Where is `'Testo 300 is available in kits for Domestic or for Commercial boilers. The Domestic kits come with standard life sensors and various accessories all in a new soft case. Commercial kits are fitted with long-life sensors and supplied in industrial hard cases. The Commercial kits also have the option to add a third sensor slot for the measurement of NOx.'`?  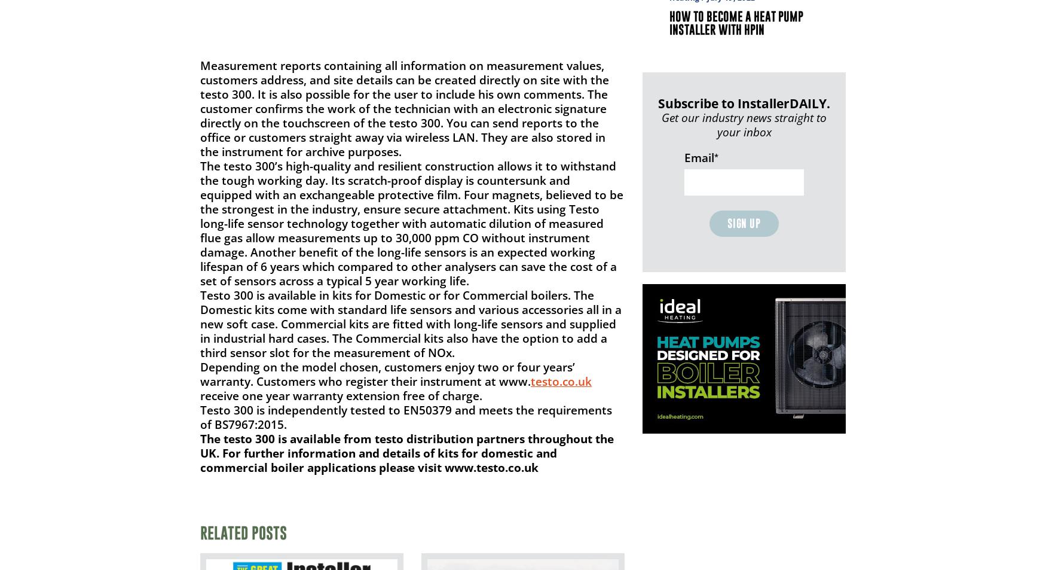
'Testo 300 is available in kits for Domestic or for Commercial boilers. The Domestic kits come with standard life sensors and various accessories all in a new soft case. Commercial kits are fitted with long-life sensors and supplied in industrial hard cases. The Commercial kits also have the option to add a third sensor slot for the measurement of NOx.' is located at coordinates (410, 324).